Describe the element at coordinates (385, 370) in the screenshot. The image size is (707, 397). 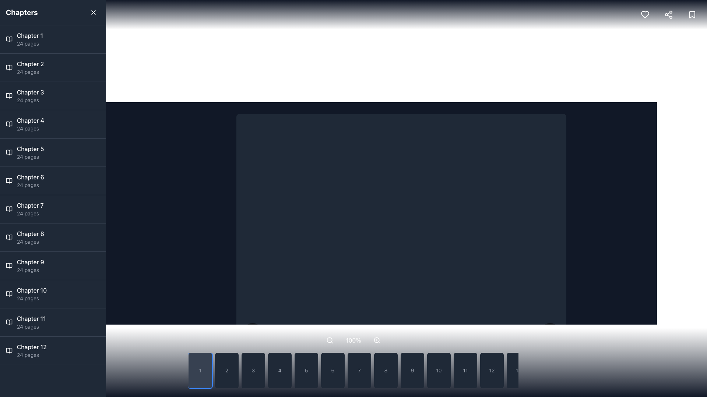
I see `the button displaying the number '8', which is a dark gray rectangular button with rounded corners located within a horizontal list of numbered buttons` at that location.